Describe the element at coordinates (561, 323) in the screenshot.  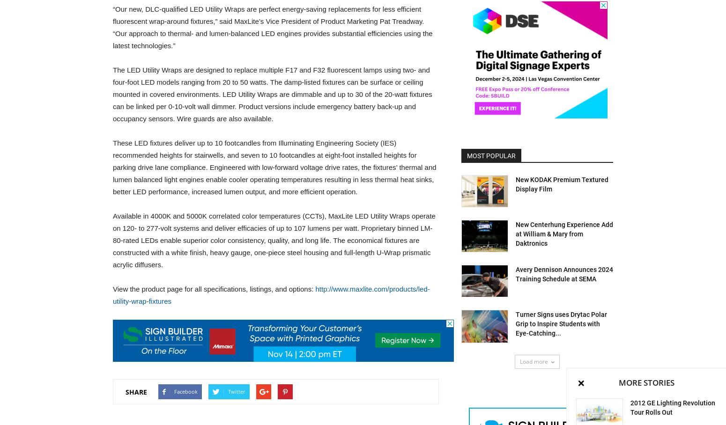
I see `'Turner Signs uses Drytac Polar Grip to Inspire Students with Eye-Catching...'` at that location.